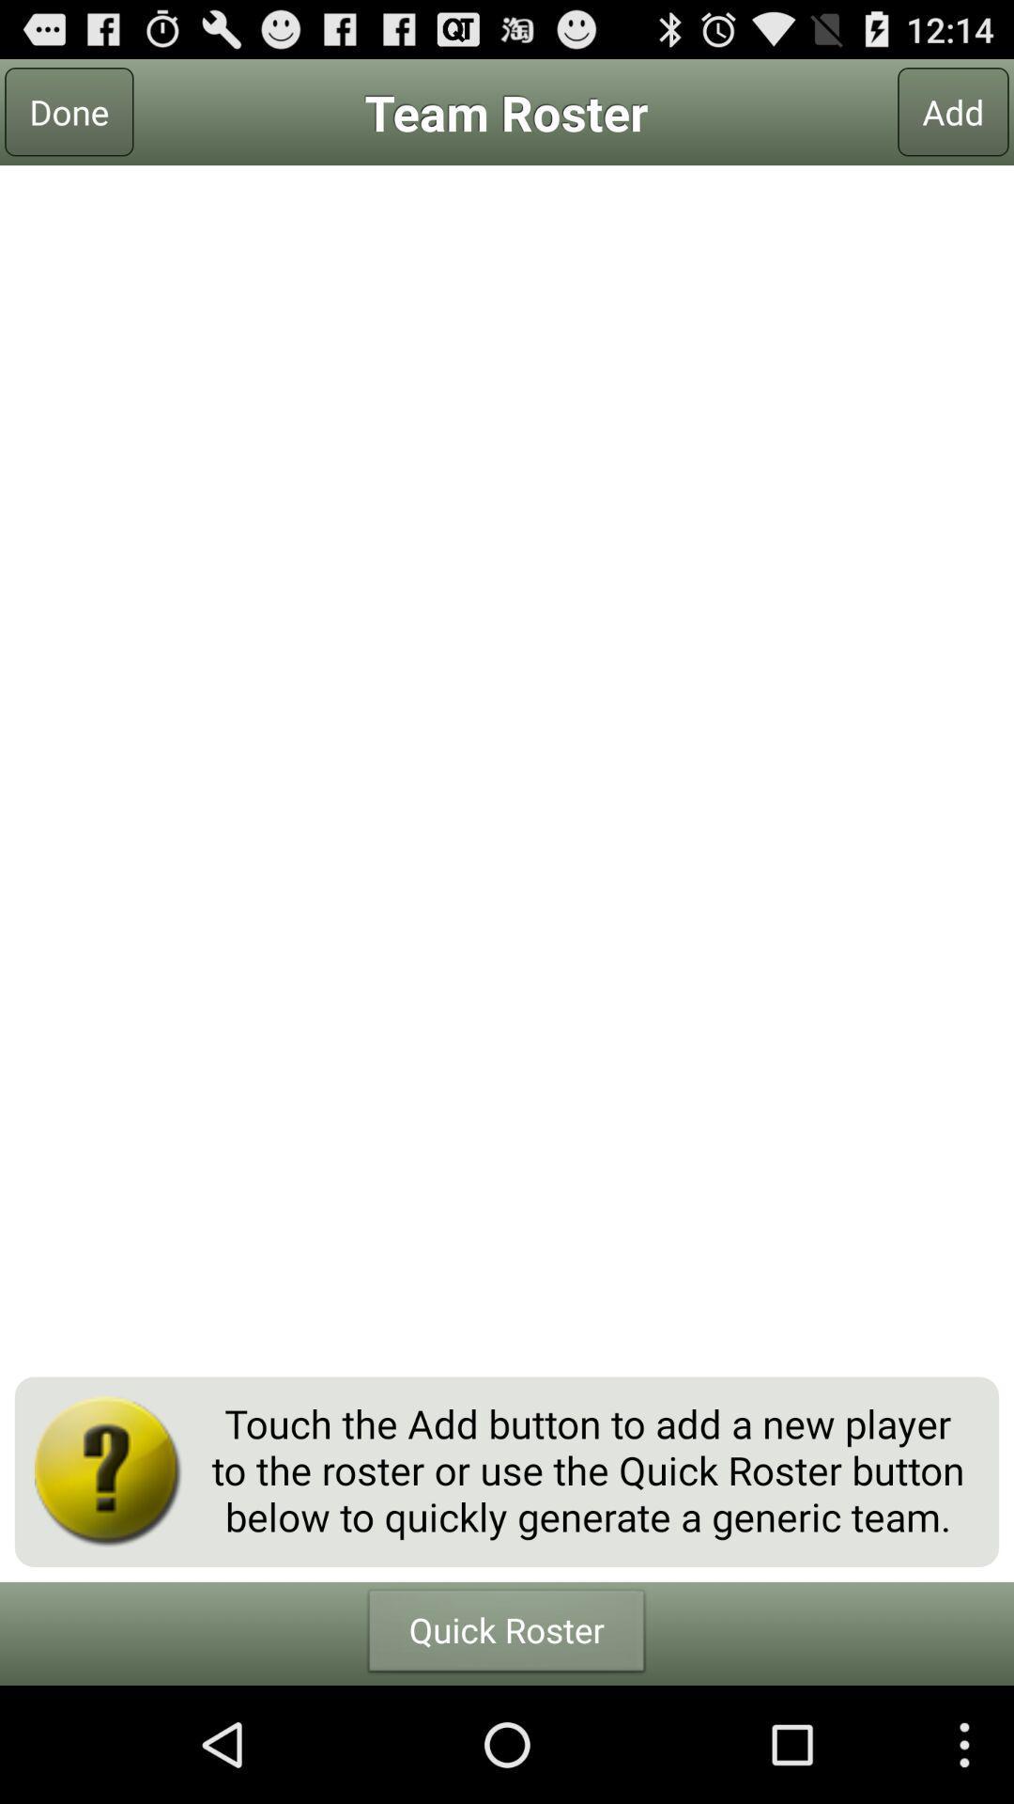 The height and width of the screenshot is (1804, 1014). What do you see at coordinates (68, 111) in the screenshot?
I see `icon next to team roster item` at bounding box center [68, 111].